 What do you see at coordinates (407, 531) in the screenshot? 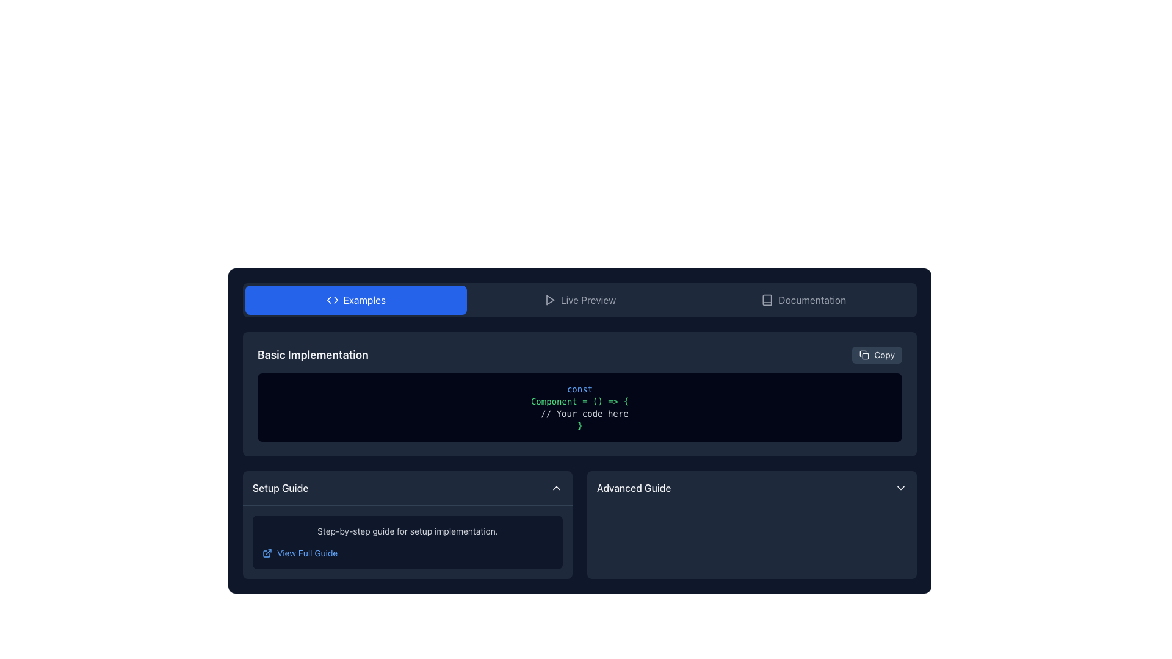
I see `the text element styled with a small, light gray font that reads 'Step-by-step guide for setup implementation.' located in the 'Setup Guide' section beneath the header` at bounding box center [407, 531].